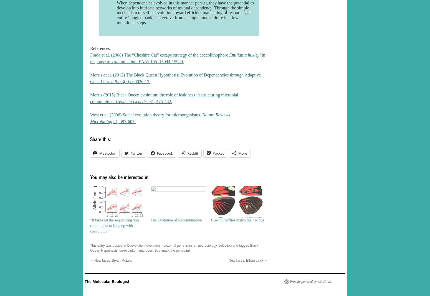  I want to click on 'This entry was posted in', so click(108, 245).